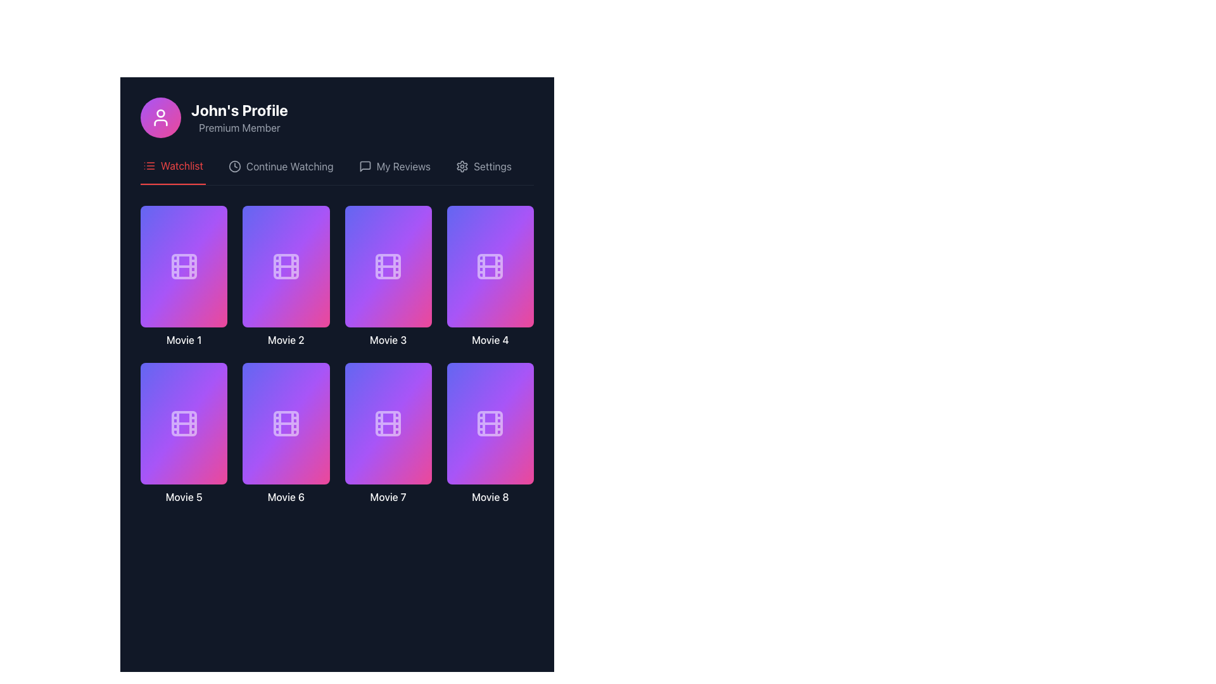 Image resolution: width=1216 pixels, height=684 pixels. I want to click on the small, squared rectangle with slightly rounded corners that is part of the decorative film reel icon representing 'Movie 1' in the top-left corner of the grid view, so click(183, 265).